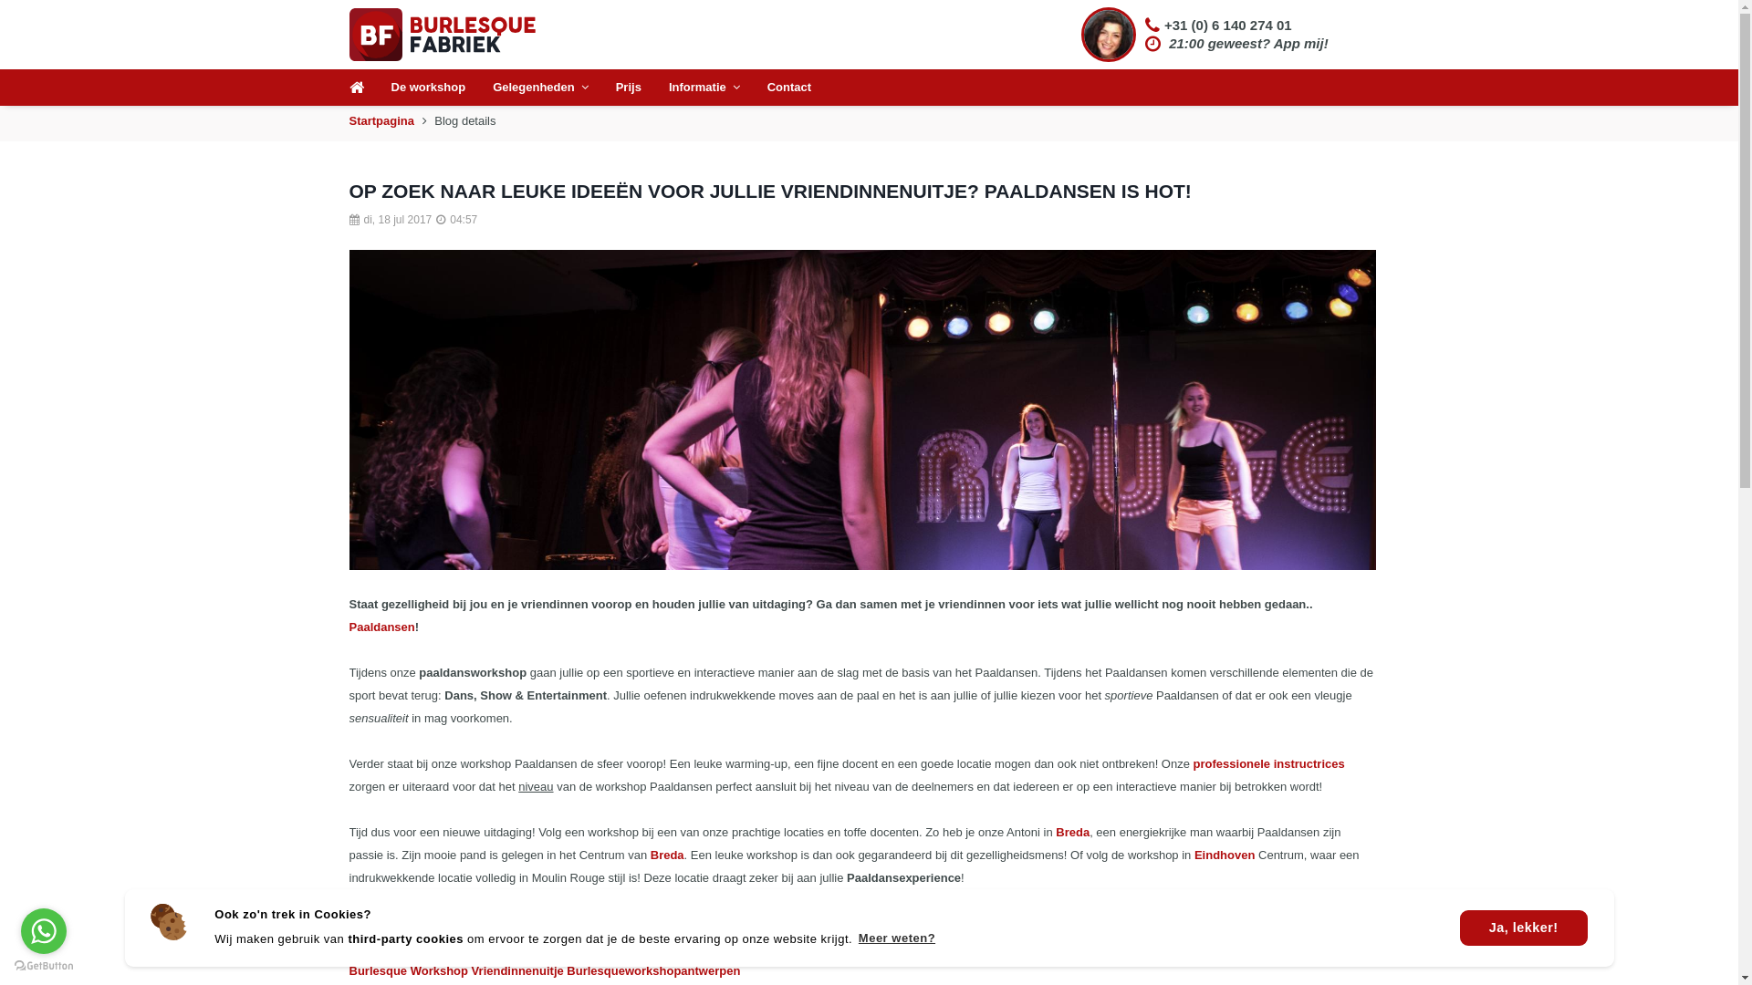 This screenshot has width=1752, height=985. I want to click on 'Prijs', so click(629, 88).